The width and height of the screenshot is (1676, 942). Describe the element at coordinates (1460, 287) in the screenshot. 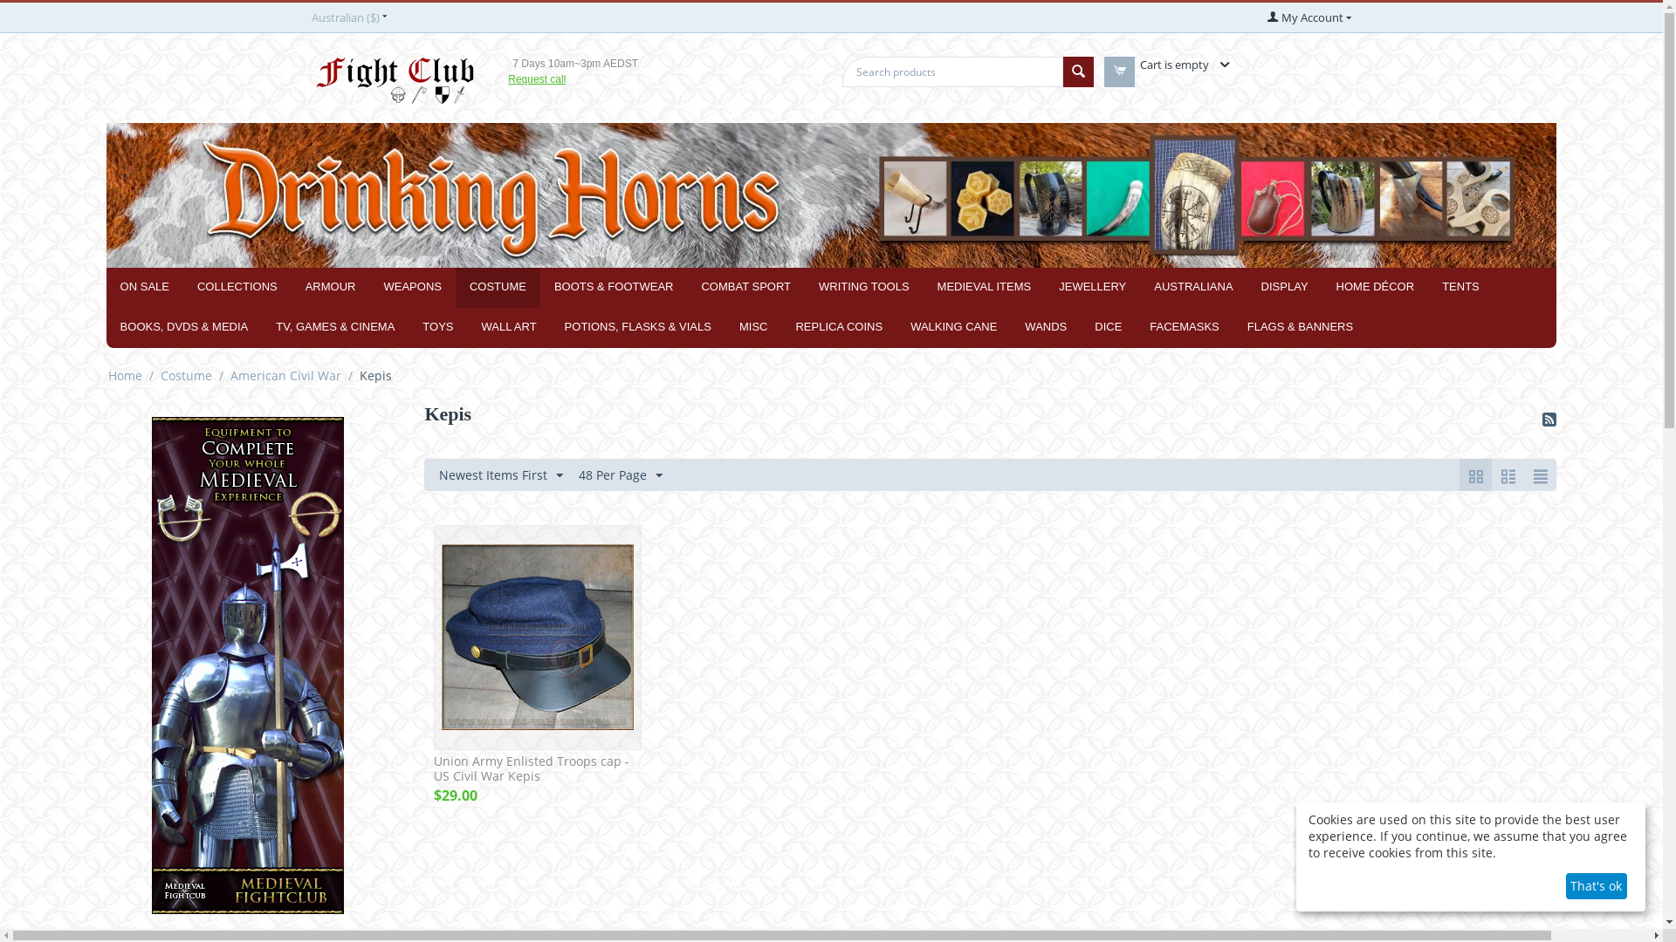

I see `'TENTS'` at that location.